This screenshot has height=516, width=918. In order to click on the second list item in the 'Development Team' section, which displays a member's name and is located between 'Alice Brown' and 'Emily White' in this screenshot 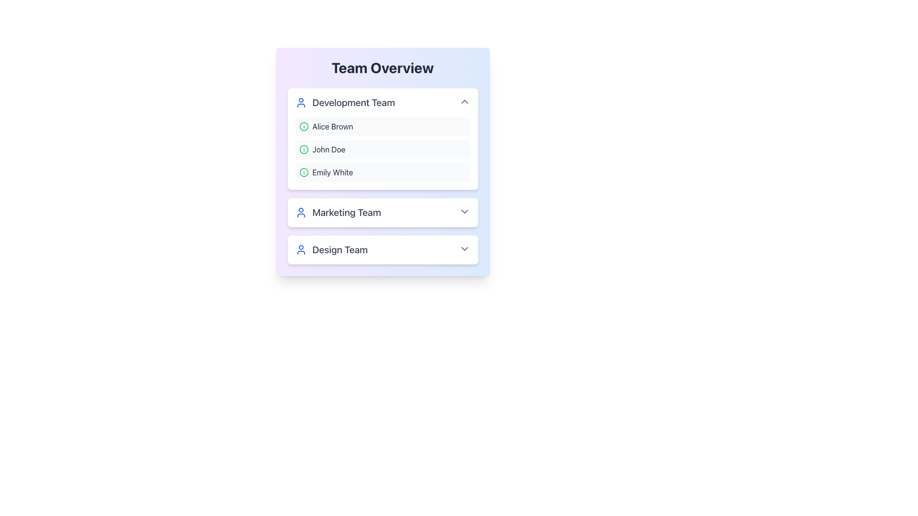, I will do `click(382, 149)`.